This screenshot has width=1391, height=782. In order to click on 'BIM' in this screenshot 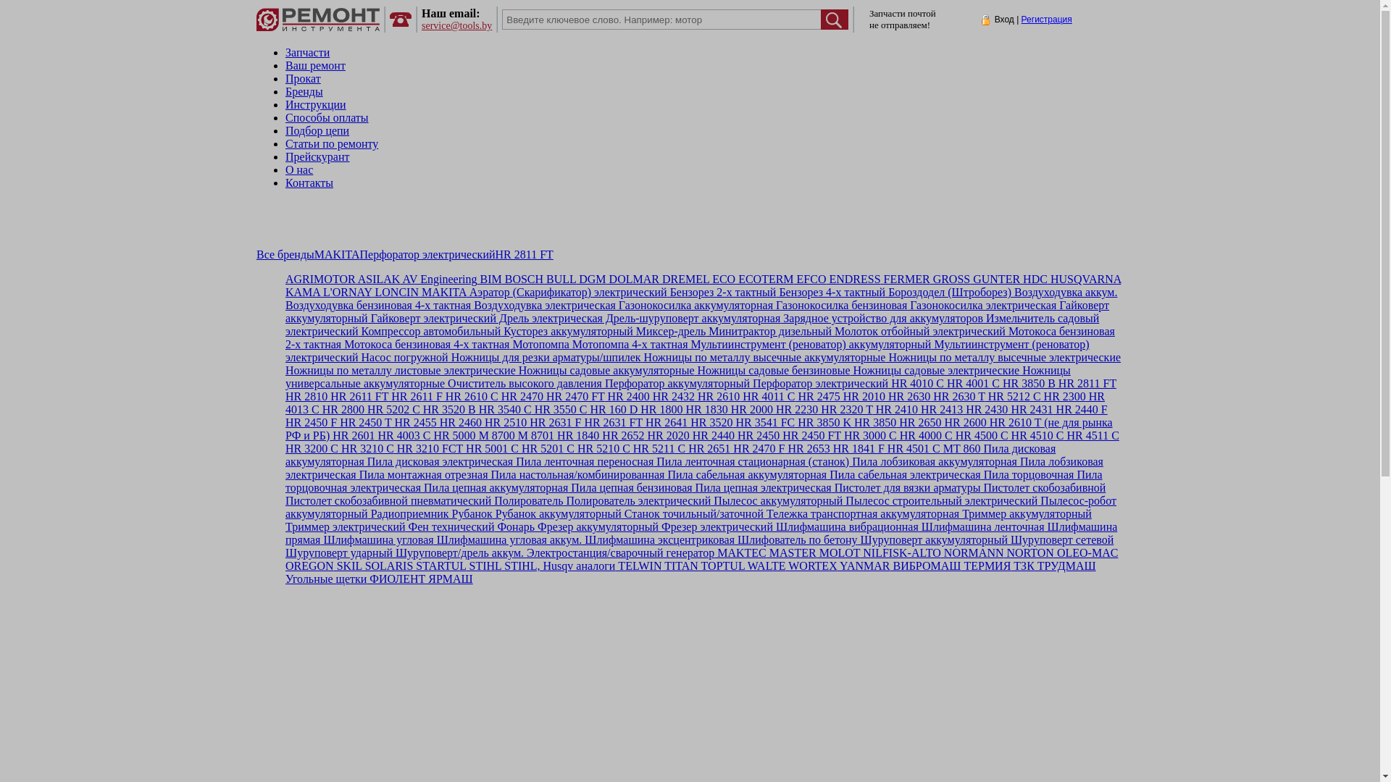, I will do `click(476, 279)`.